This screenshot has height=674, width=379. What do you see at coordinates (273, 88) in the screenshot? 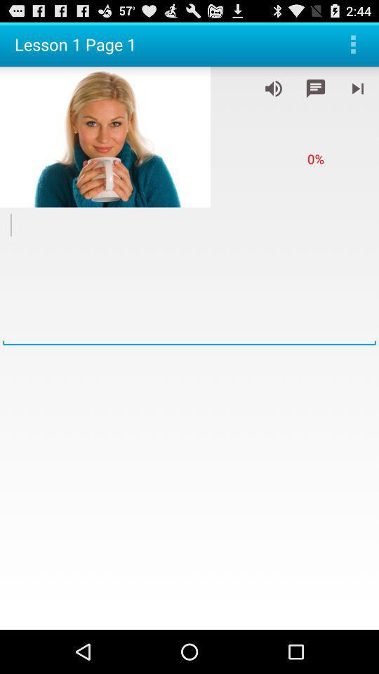
I see `adjust volume` at bounding box center [273, 88].